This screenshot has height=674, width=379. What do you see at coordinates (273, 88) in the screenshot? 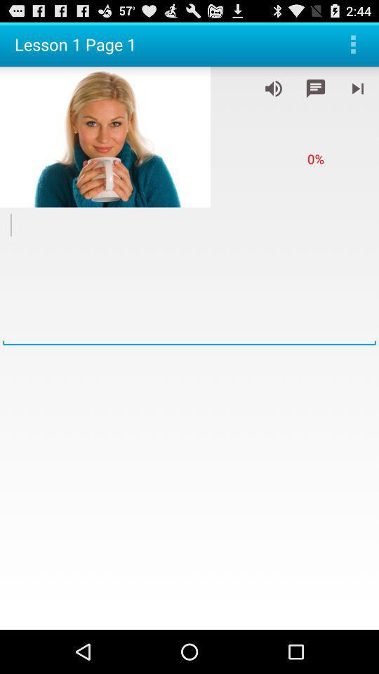
I see `adjust volume` at bounding box center [273, 88].